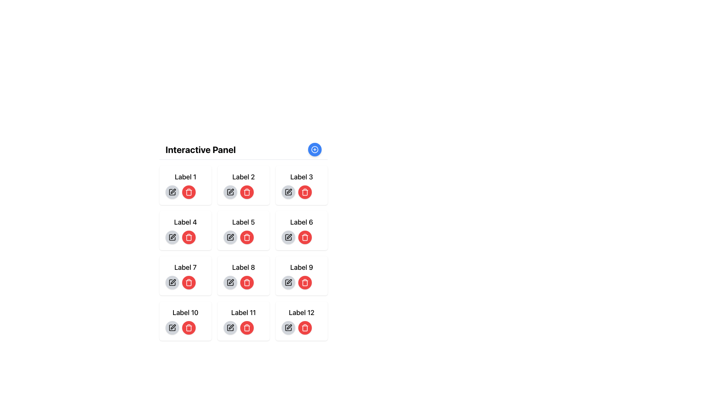 Image resolution: width=724 pixels, height=407 pixels. What do you see at coordinates (302, 312) in the screenshot?
I see `the text label displaying 'Label 12', which is styled in bold and medium-large font, located in the bottom-right corner of a grid layout with a blue background` at bounding box center [302, 312].